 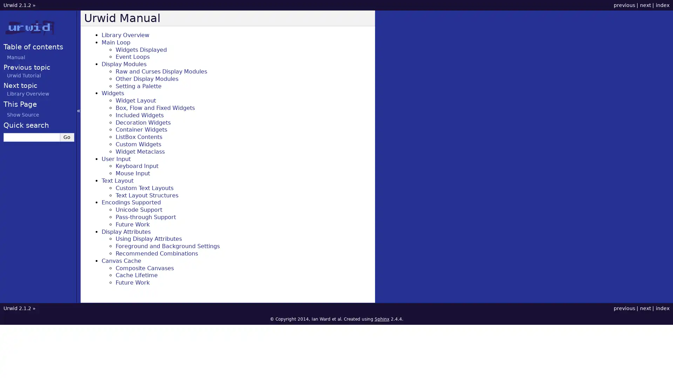 What do you see at coordinates (67, 137) in the screenshot?
I see `Go` at bounding box center [67, 137].